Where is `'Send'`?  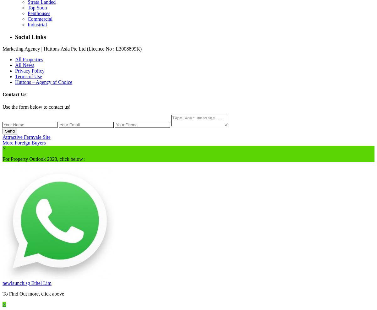 'Send' is located at coordinates (10, 131).